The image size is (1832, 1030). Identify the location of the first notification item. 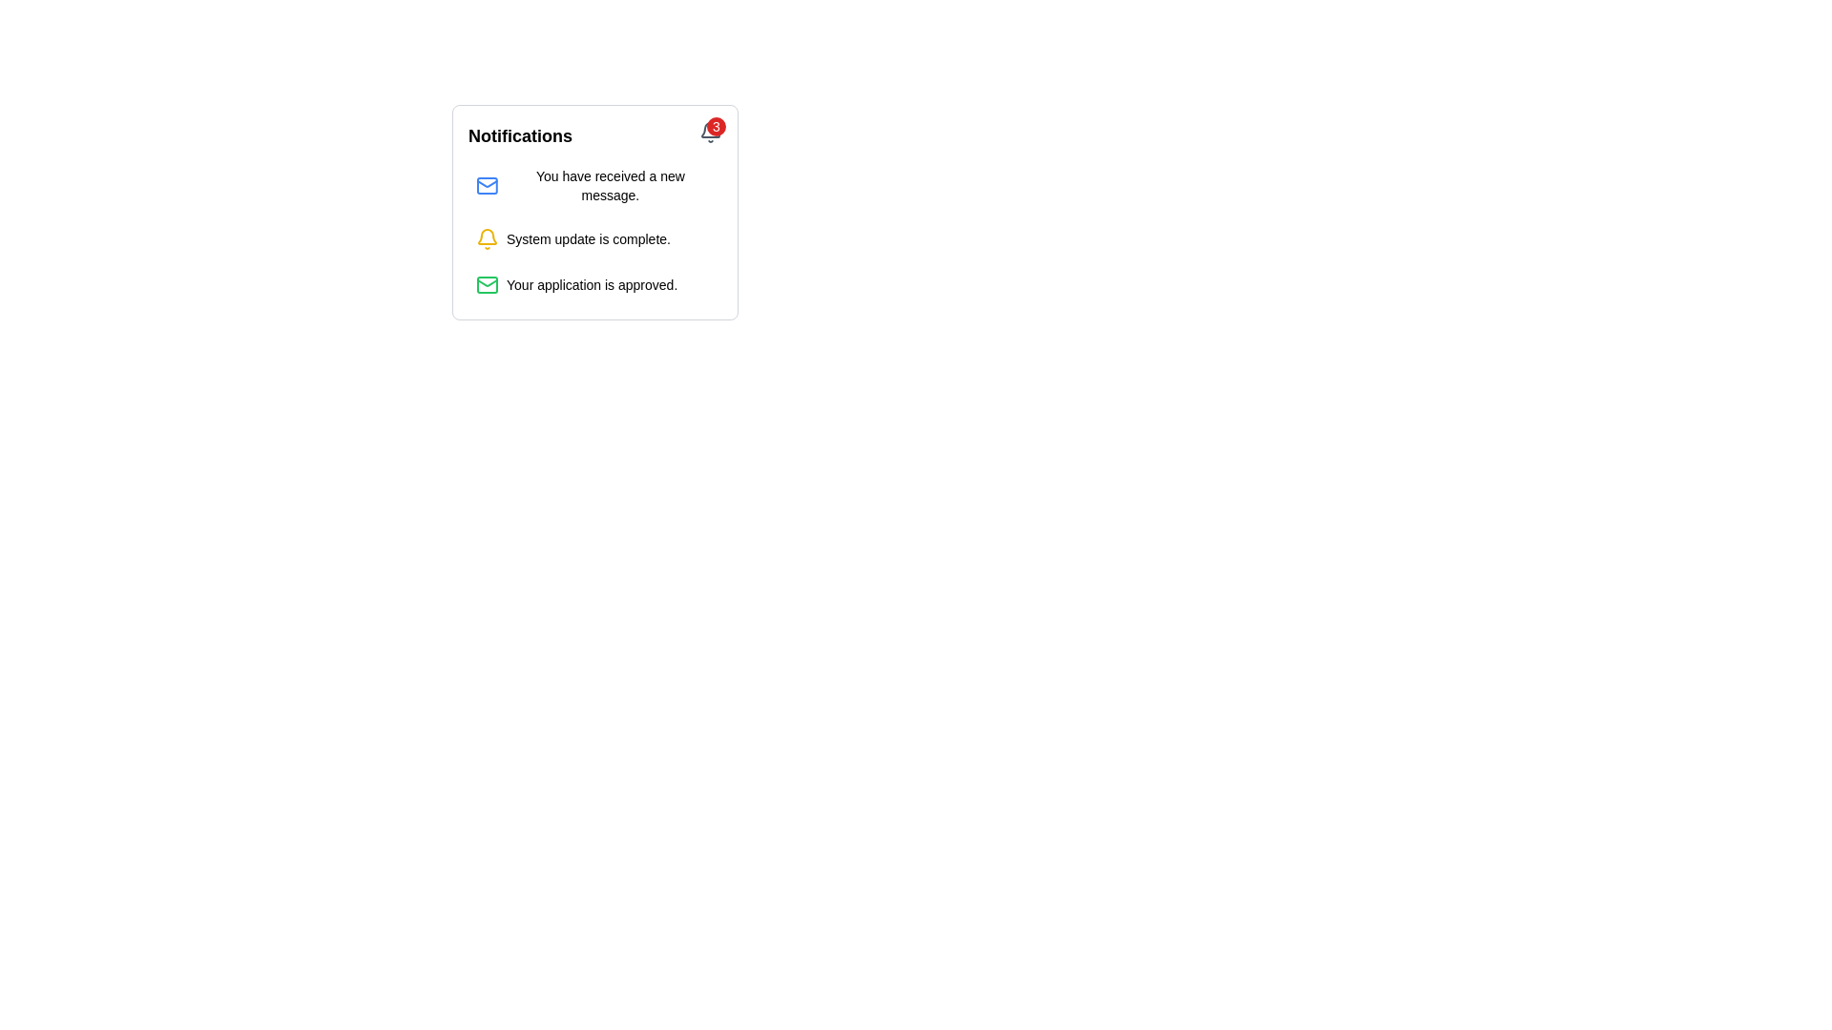
(594, 186).